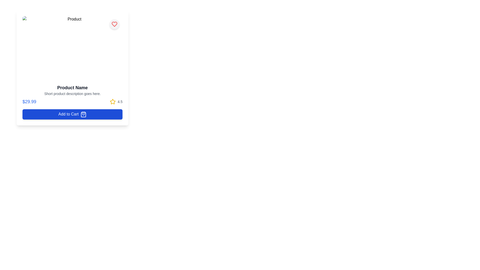 Image resolution: width=480 pixels, height=270 pixels. I want to click on the heart-shaped icon with a hollow center, located in the top right corner of the product card, which represents a favorite function, so click(114, 24).